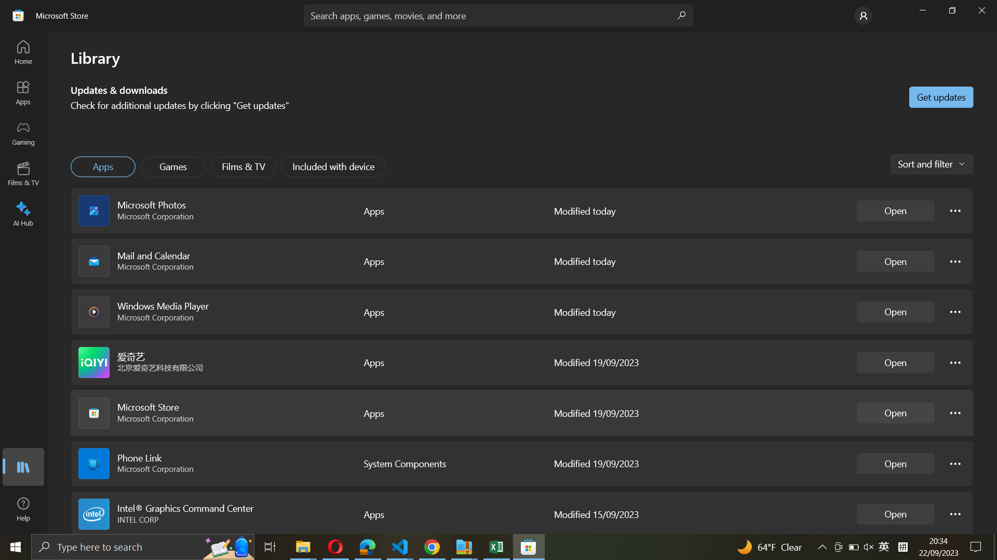 The width and height of the screenshot is (997, 560). I want to click on Mail and Calendar, so click(895, 260).